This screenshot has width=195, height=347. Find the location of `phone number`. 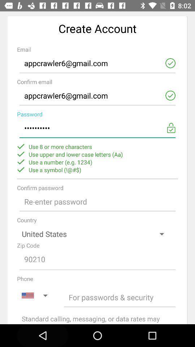

phone number is located at coordinates (120, 297).